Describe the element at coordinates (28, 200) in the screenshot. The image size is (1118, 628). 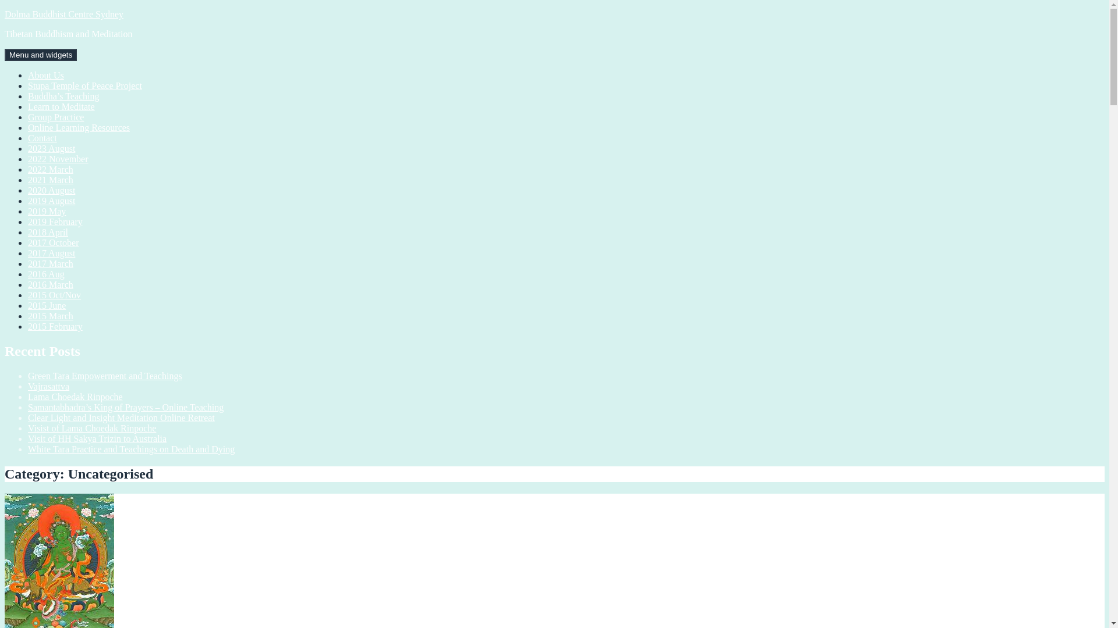
I see `'2019 August'` at that location.